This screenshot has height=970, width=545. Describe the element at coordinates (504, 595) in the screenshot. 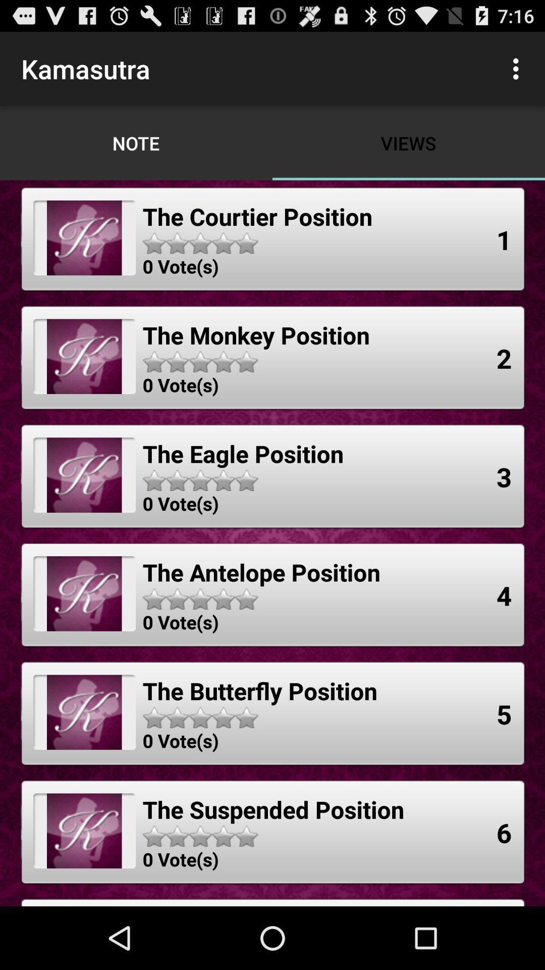

I see `icon next to the antelope position item` at that location.